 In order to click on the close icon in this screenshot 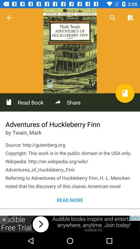, I will do `click(4, 219)`.